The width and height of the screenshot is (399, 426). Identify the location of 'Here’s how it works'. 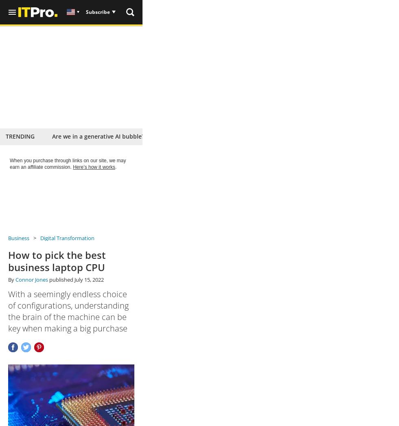
(94, 167).